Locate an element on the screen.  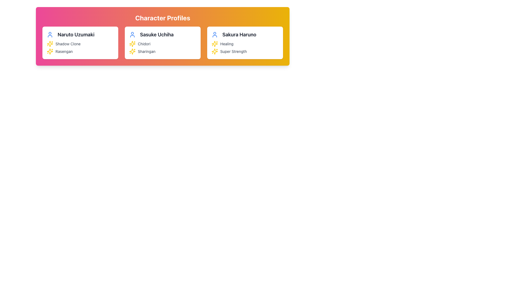
the static list item displaying abilities or skills associated with the character 'Naruto Uzumaki', located in the lower portion of the card is located at coordinates (80, 47).